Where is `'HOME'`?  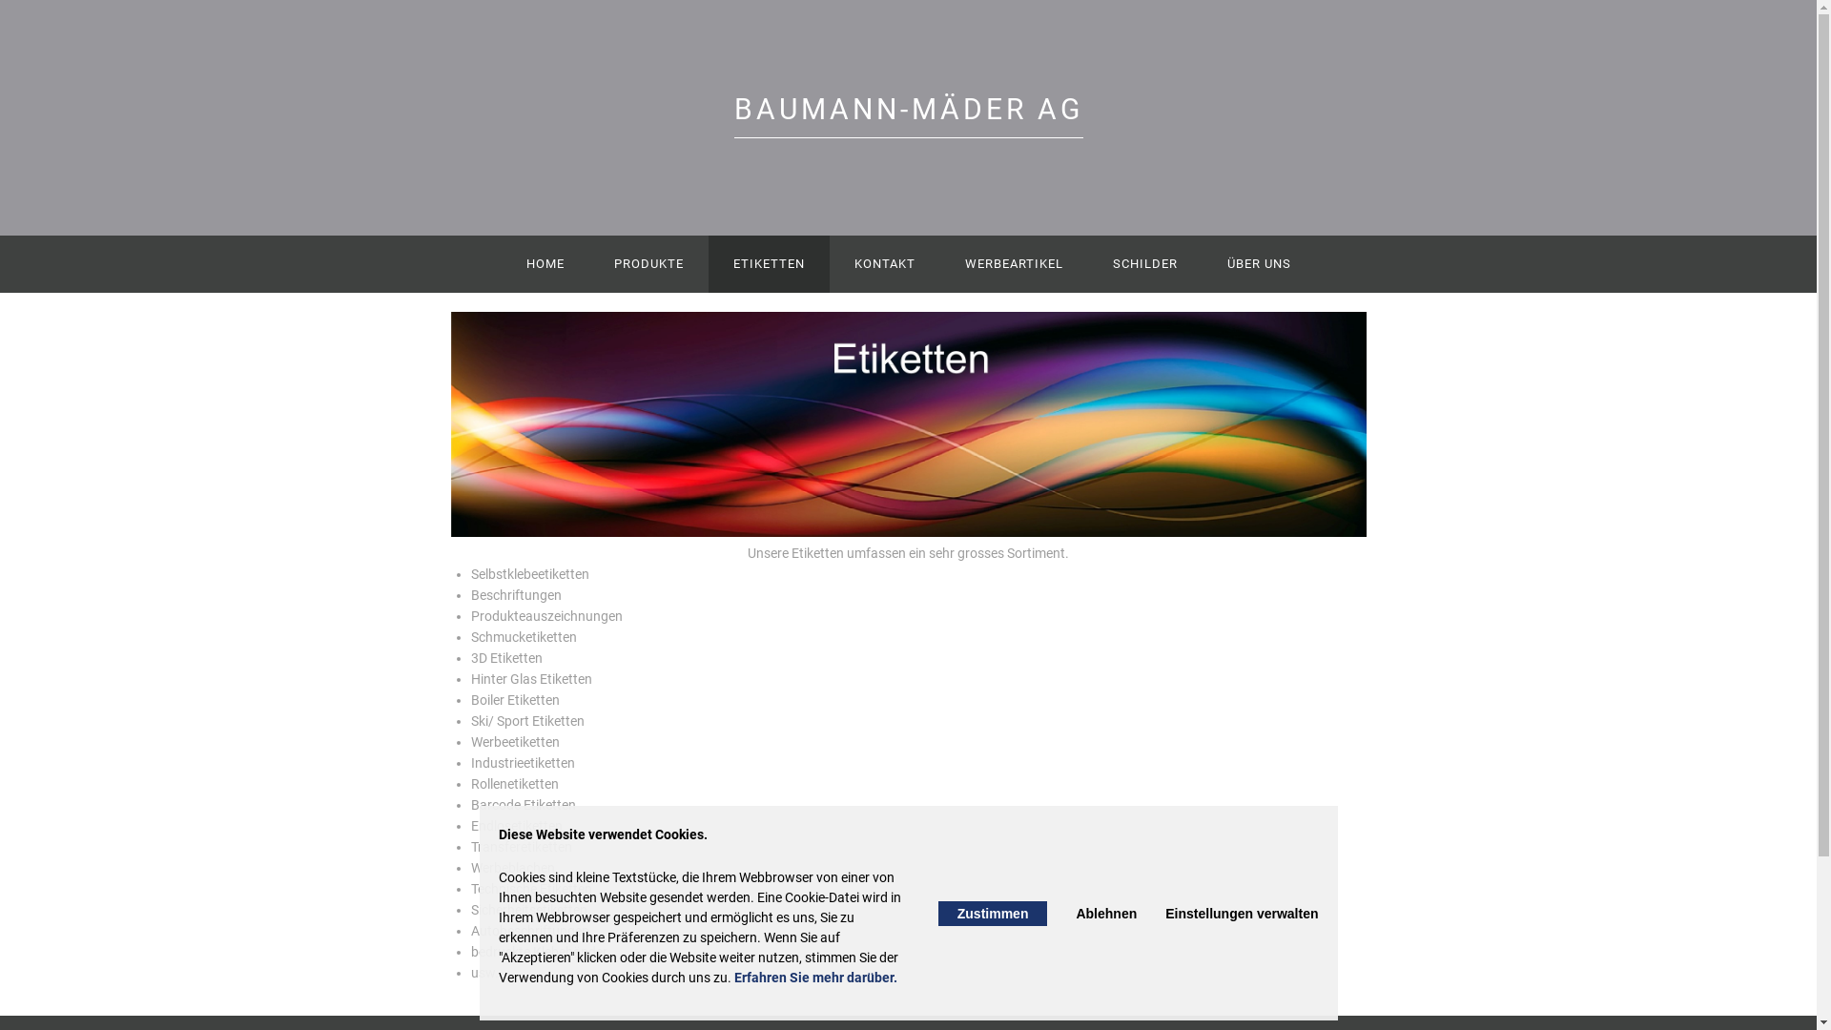 'HOME' is located at coordinates (502, 264).